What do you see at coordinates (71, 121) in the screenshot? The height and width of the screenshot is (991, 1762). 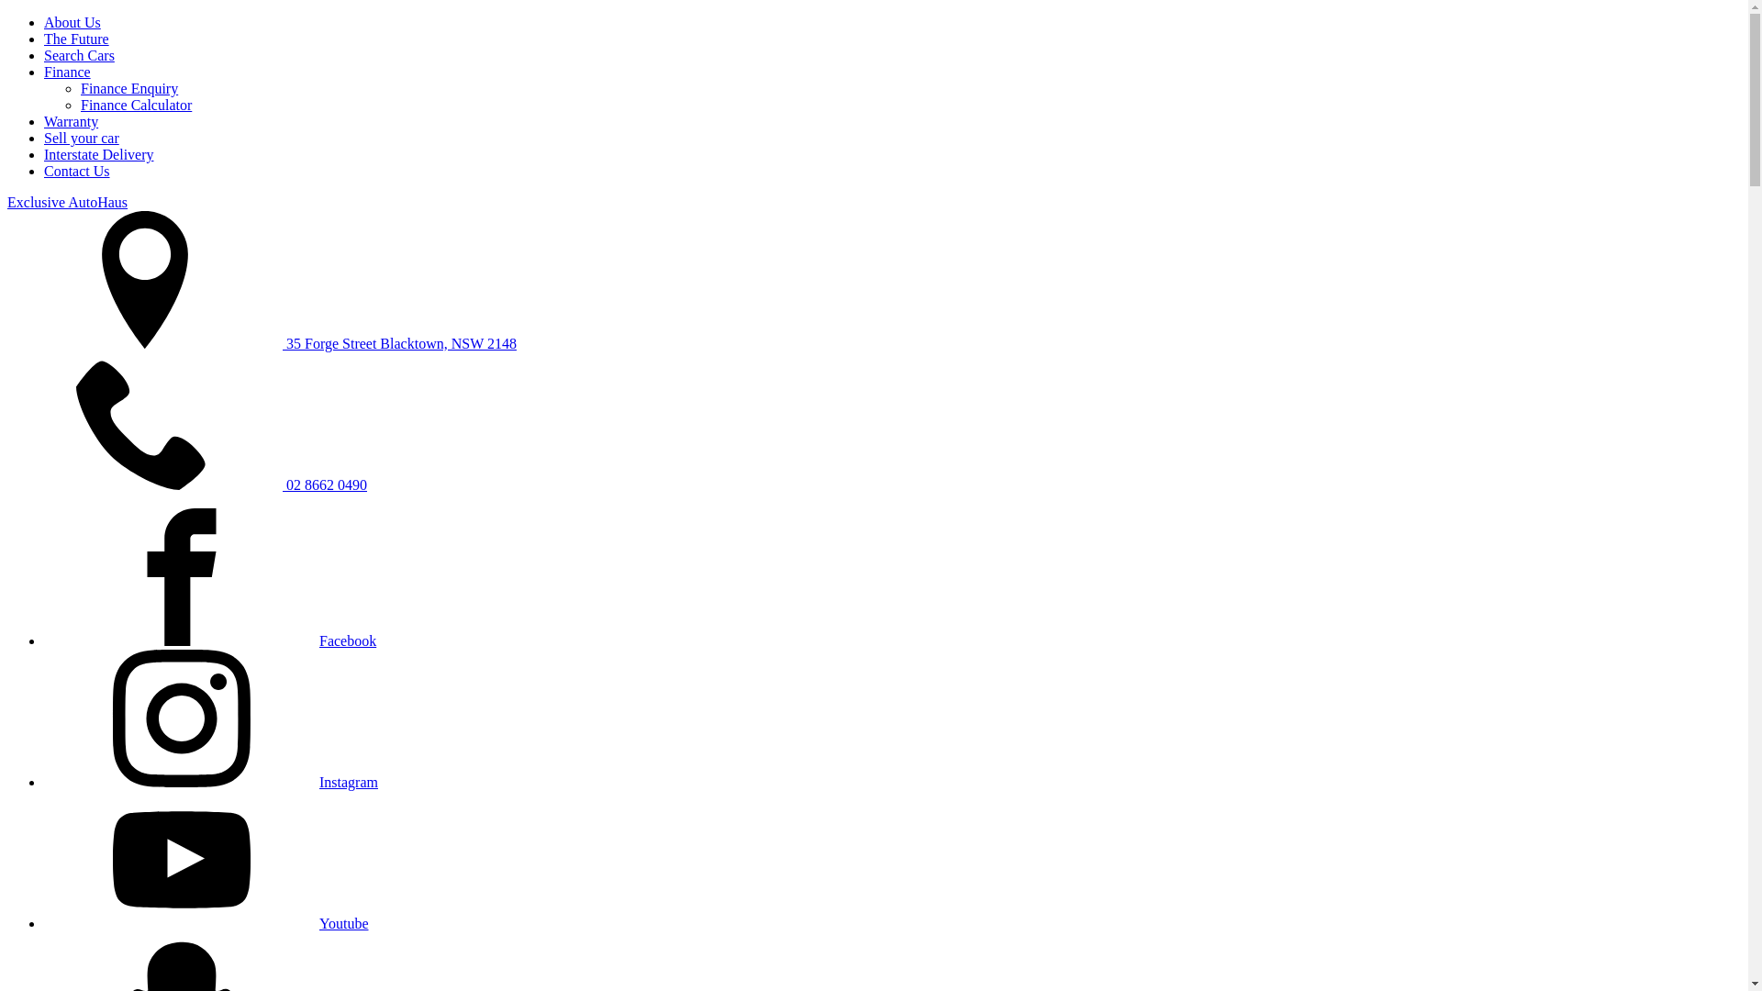 I see `'Warranty'` at bounding box center [71, 121].